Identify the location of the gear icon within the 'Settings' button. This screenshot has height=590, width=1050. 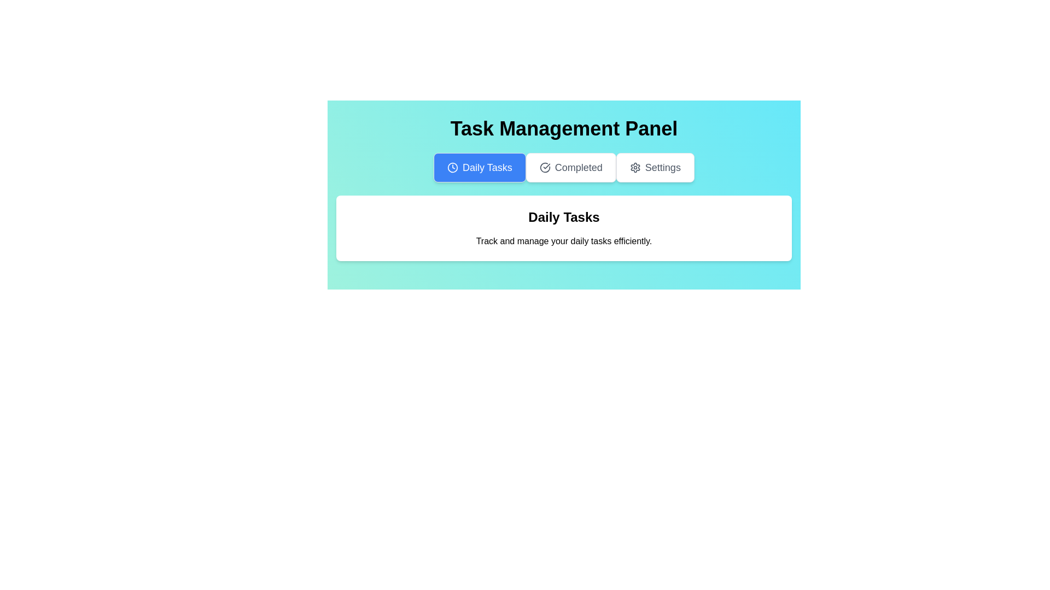
(635, 168).